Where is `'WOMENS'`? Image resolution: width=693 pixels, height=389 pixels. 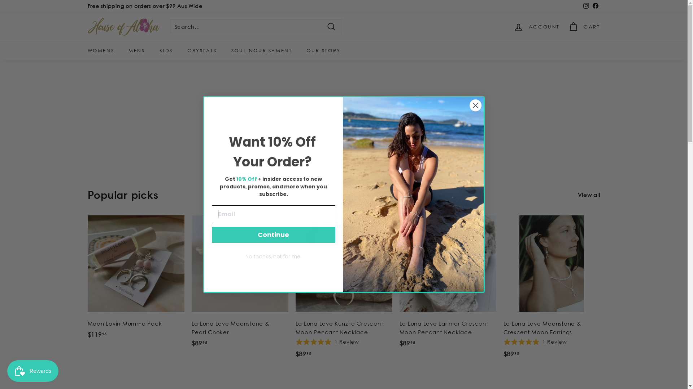 'WOMENS' is located at coordinates (100, 50).